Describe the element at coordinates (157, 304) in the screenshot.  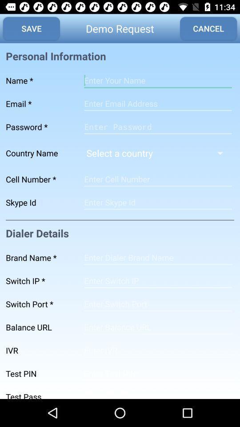
I see `write switch port` at that location.